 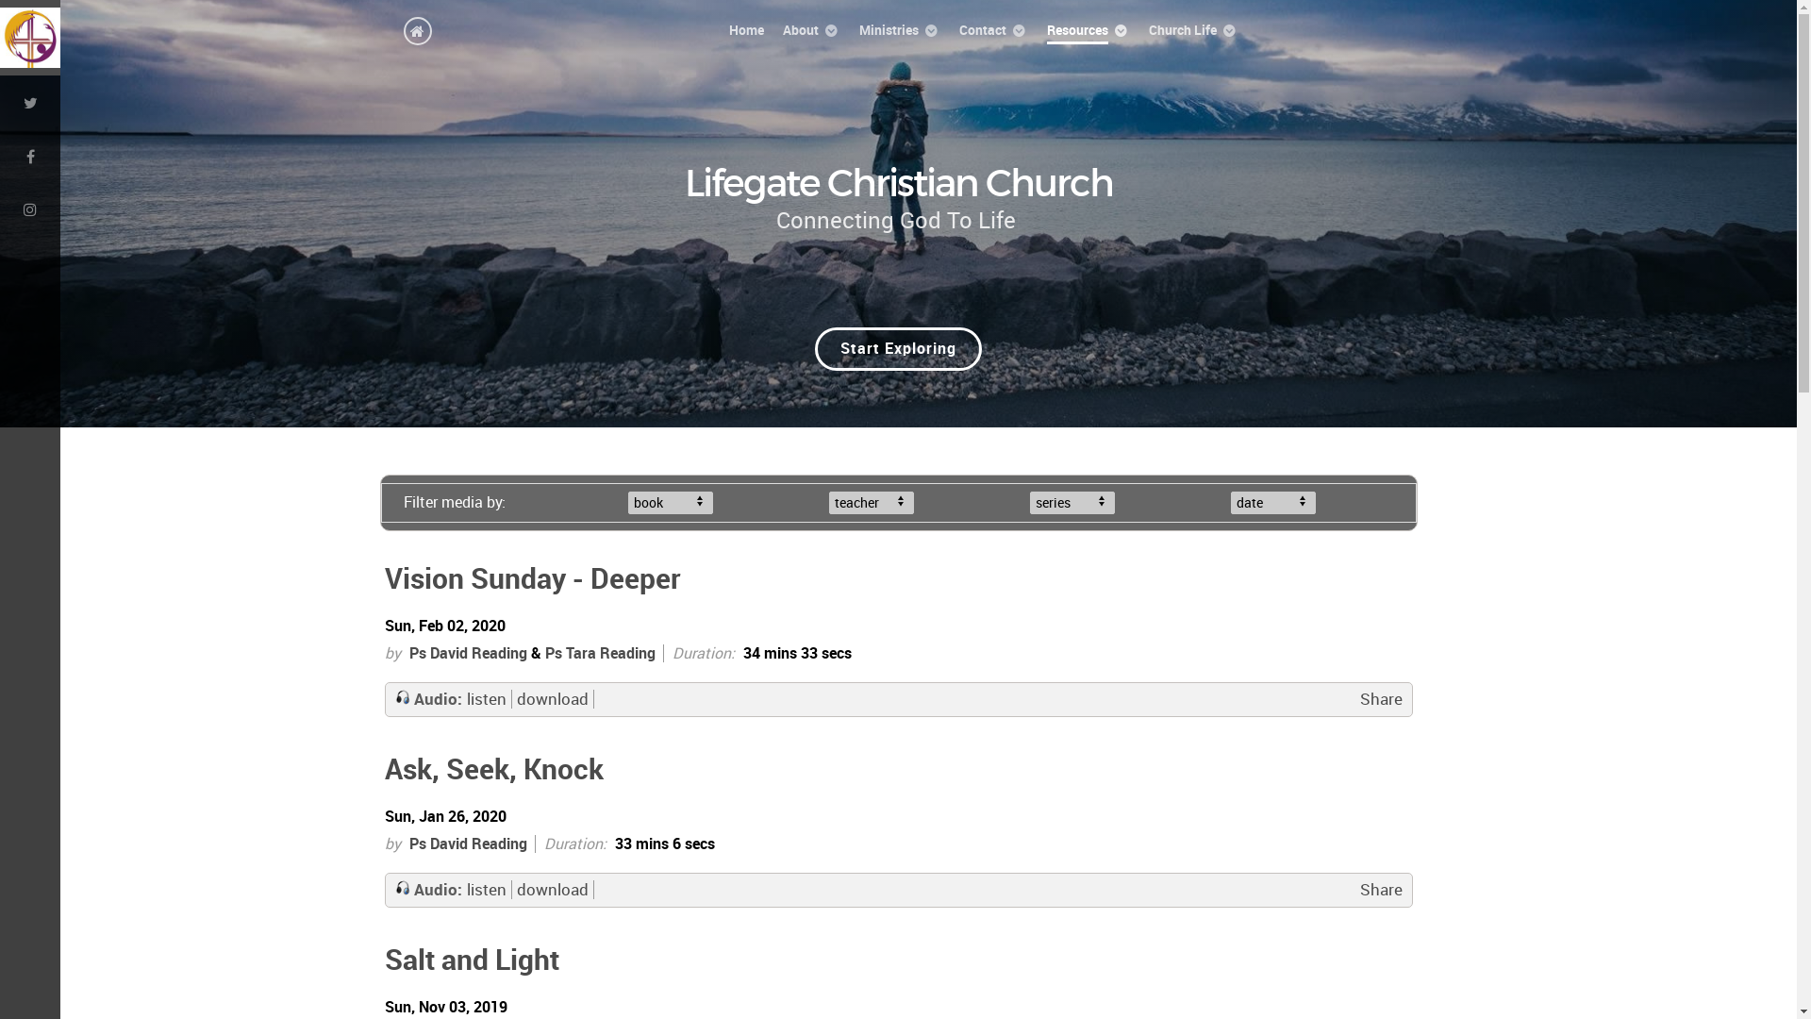 I want to click on 'series', so click(x=1072, y=501).